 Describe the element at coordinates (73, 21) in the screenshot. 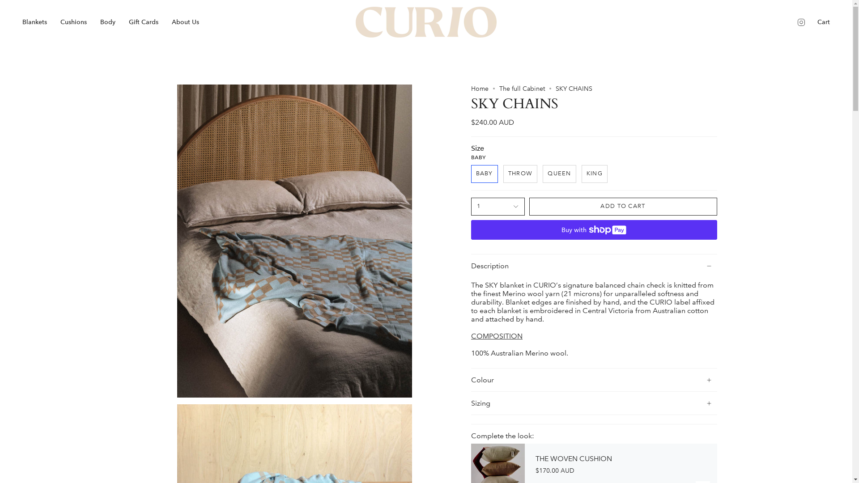

I see `'Cushions'` at that location.